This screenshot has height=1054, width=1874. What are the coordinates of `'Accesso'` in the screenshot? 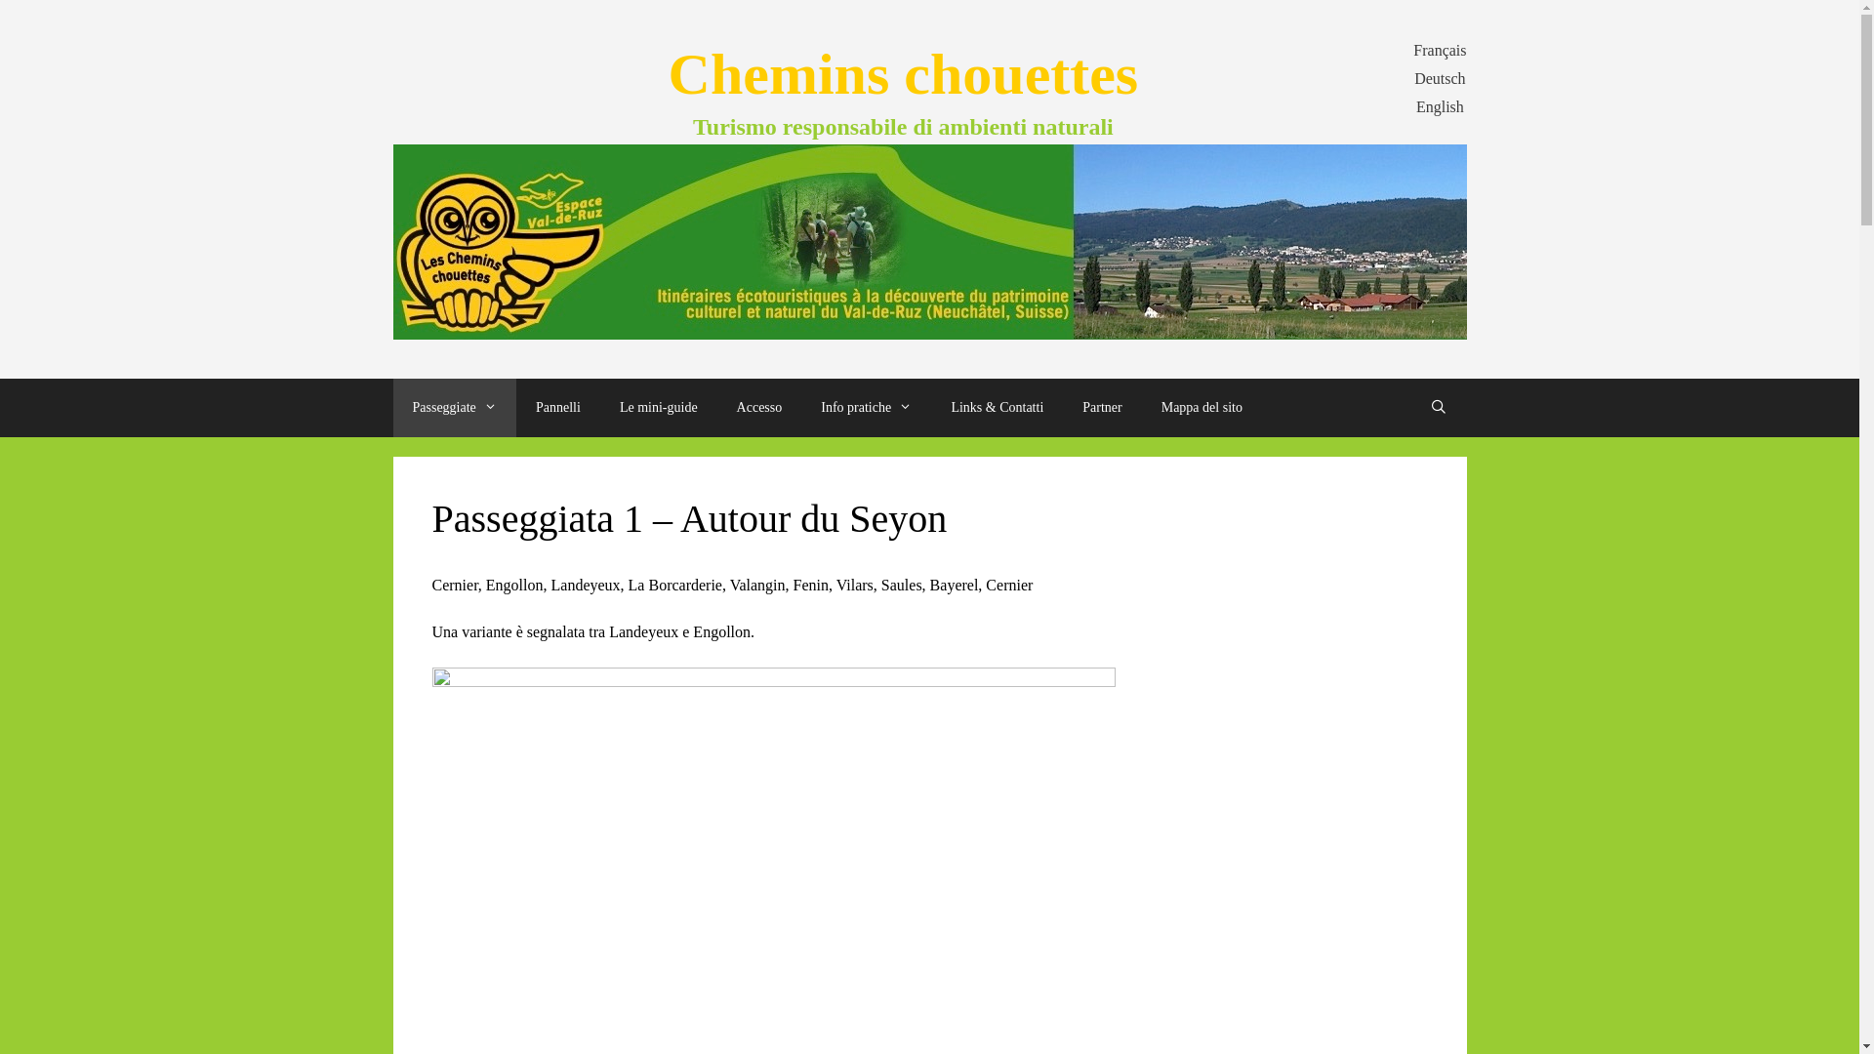 It's located at (758, 406).